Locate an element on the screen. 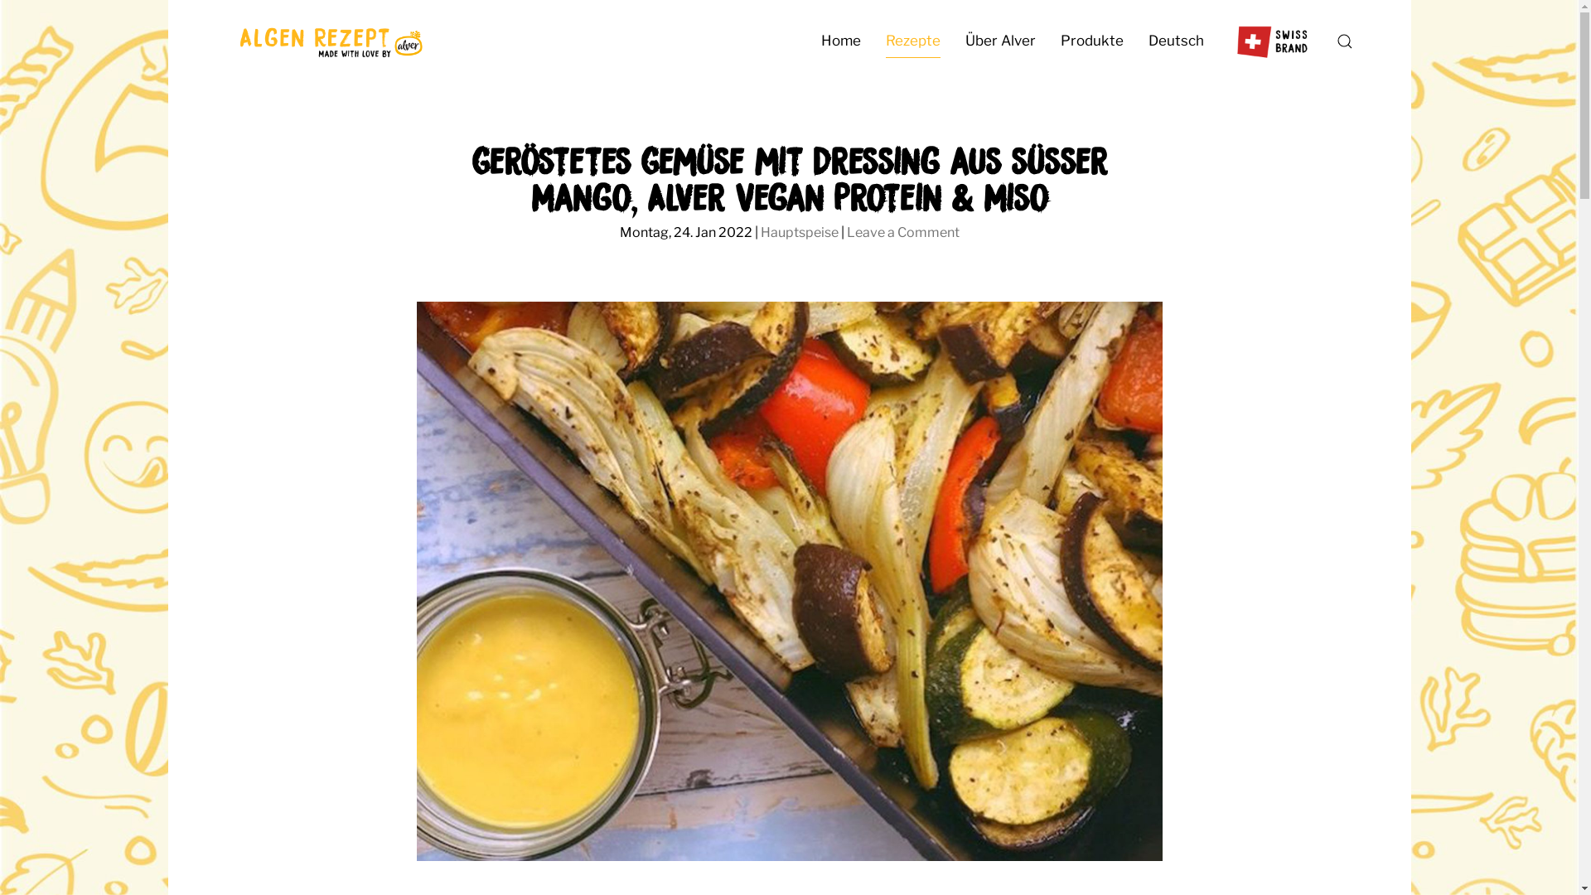 Image resolution: width=1591 pixels, height=895 pixels. 'Leave a Comment' is located at coordinates (902, 232).